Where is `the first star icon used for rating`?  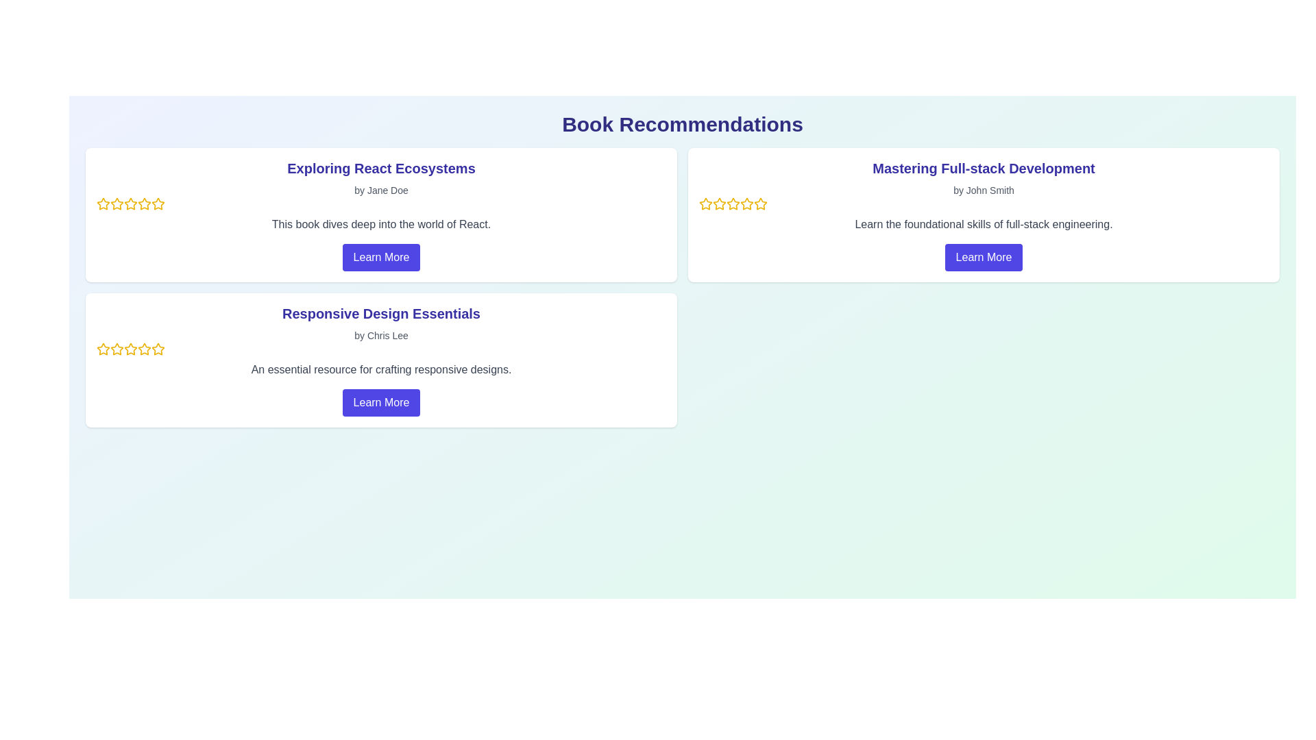 the first star icon used for rating is located at coordinates (102, 203).